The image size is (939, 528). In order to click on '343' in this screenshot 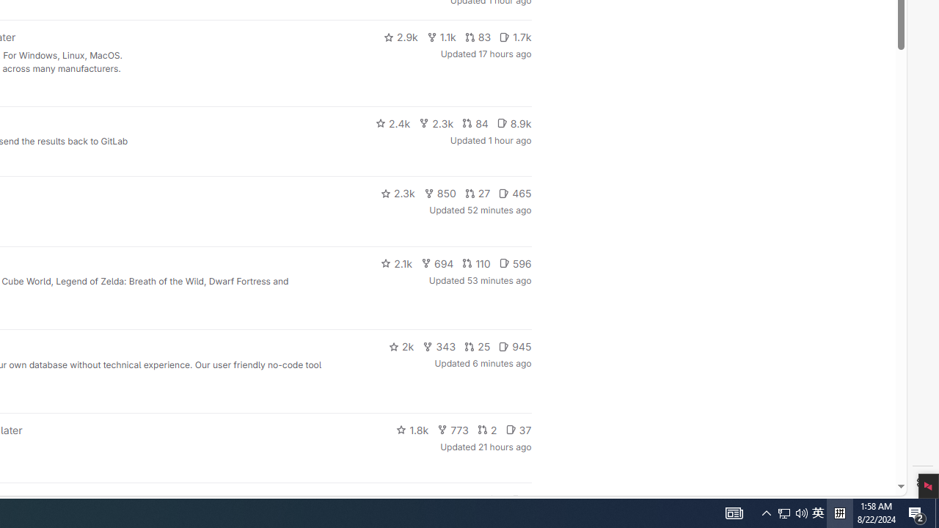, I will do `click(439, 347)`.